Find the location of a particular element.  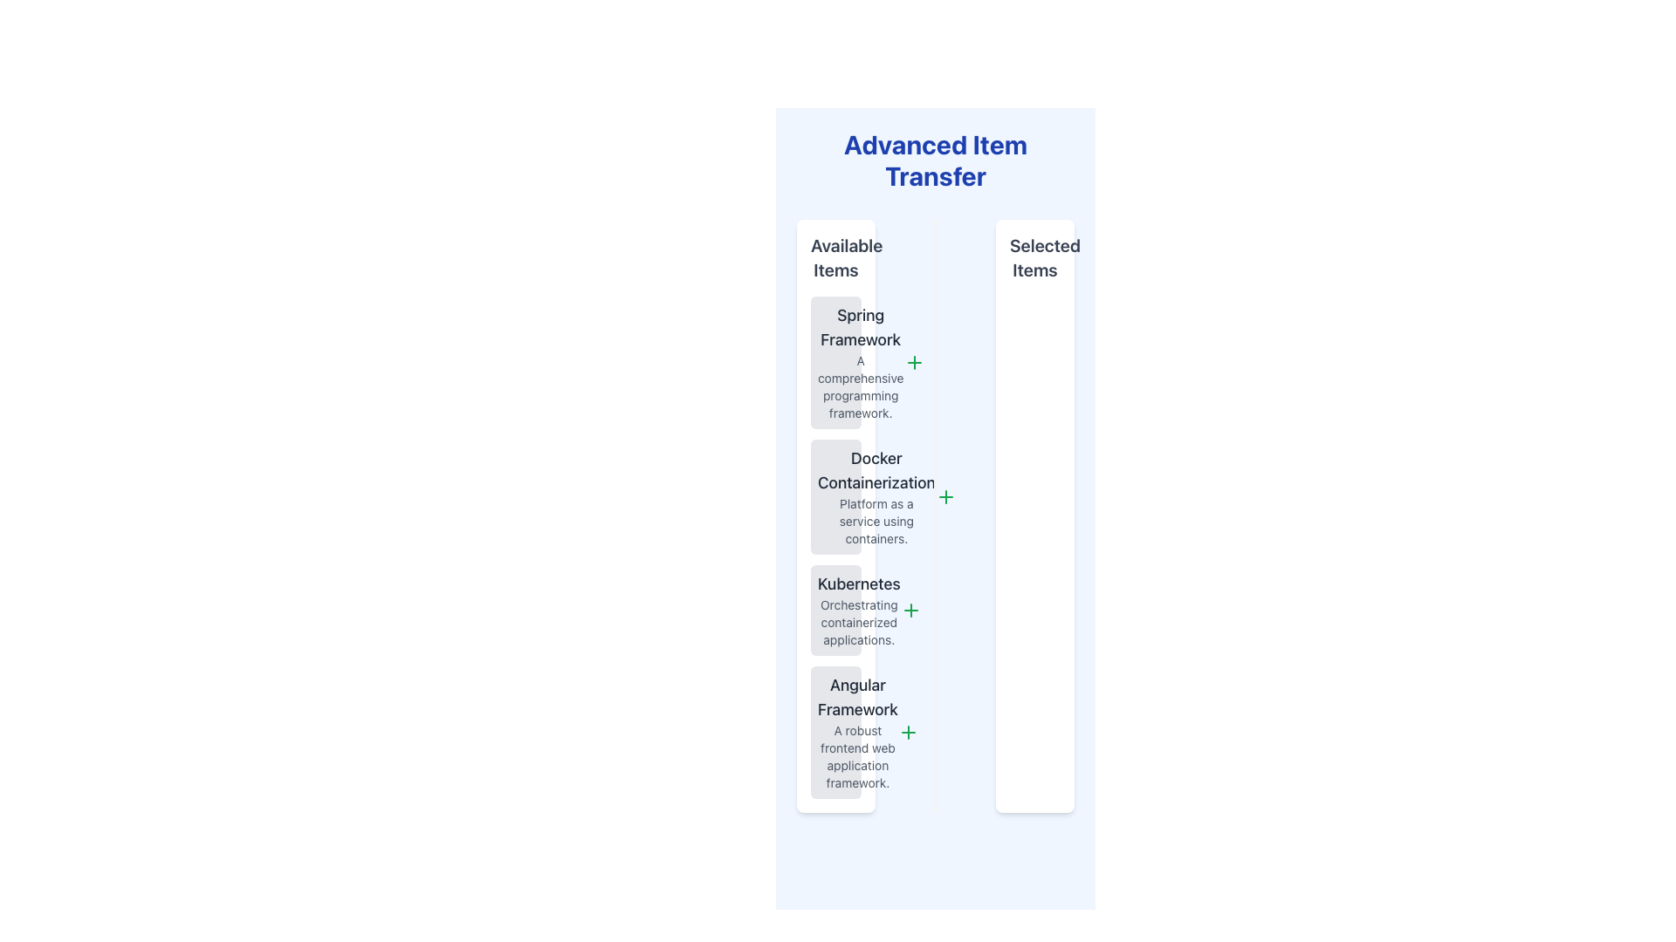

the green plus icon located to the right of the descriptive text 'Angular Framework' in the available items list is located at coordinates (908, 733).